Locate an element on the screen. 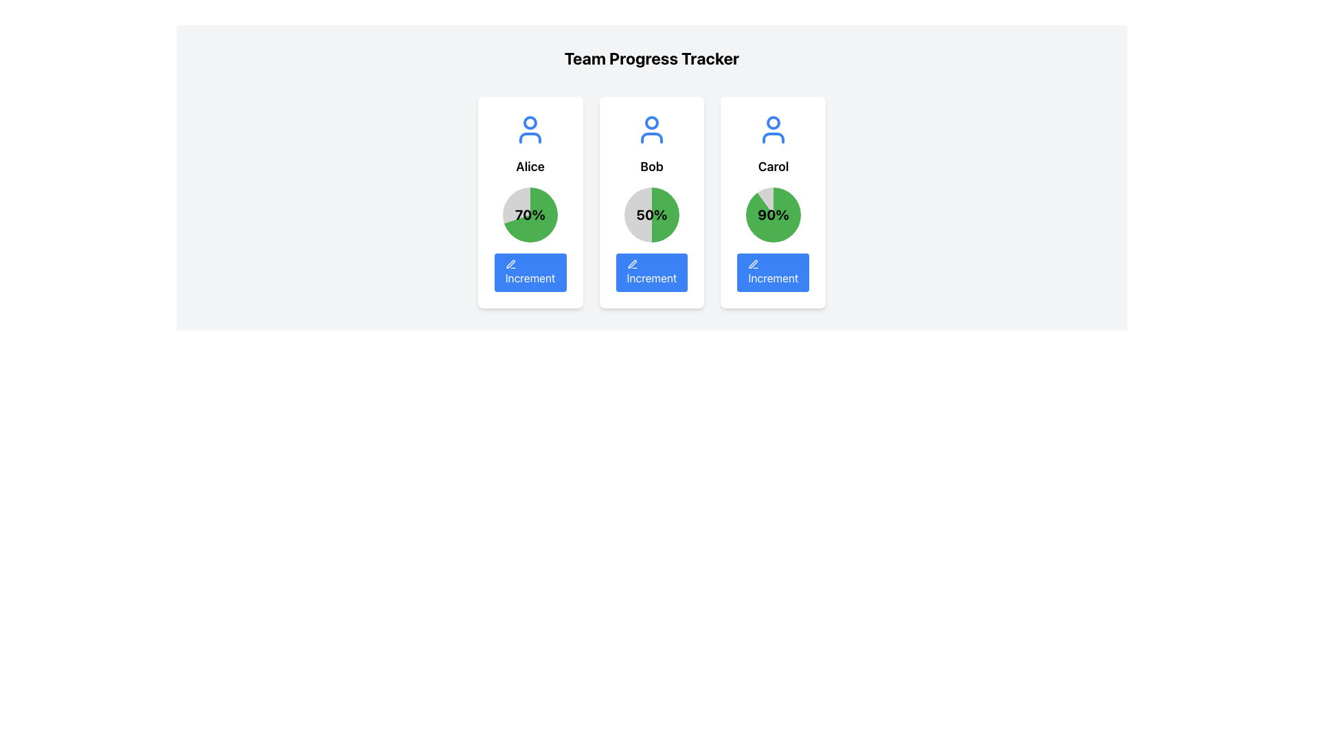 The height and width of the screenshot is (742, 1319). value displayed as '70%' in bold font, located at the center of the circular progress chart in the card labeled 'Alice', directly above the blue 'Increment' button is located at coordinates (530, 214).